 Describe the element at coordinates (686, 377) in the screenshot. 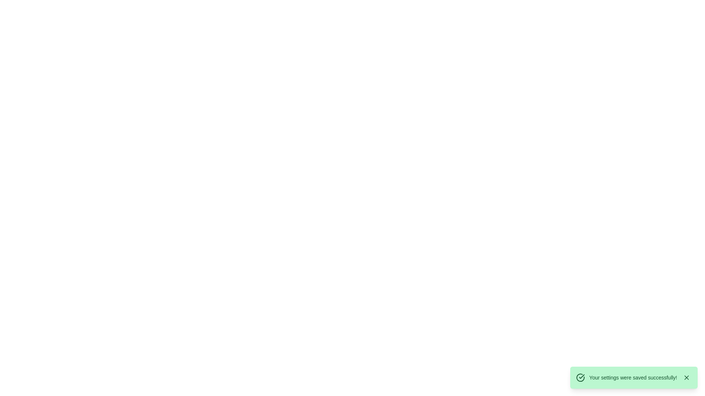

I see `the green close icon button located in the bottom-right corner of the notification box` at that location.